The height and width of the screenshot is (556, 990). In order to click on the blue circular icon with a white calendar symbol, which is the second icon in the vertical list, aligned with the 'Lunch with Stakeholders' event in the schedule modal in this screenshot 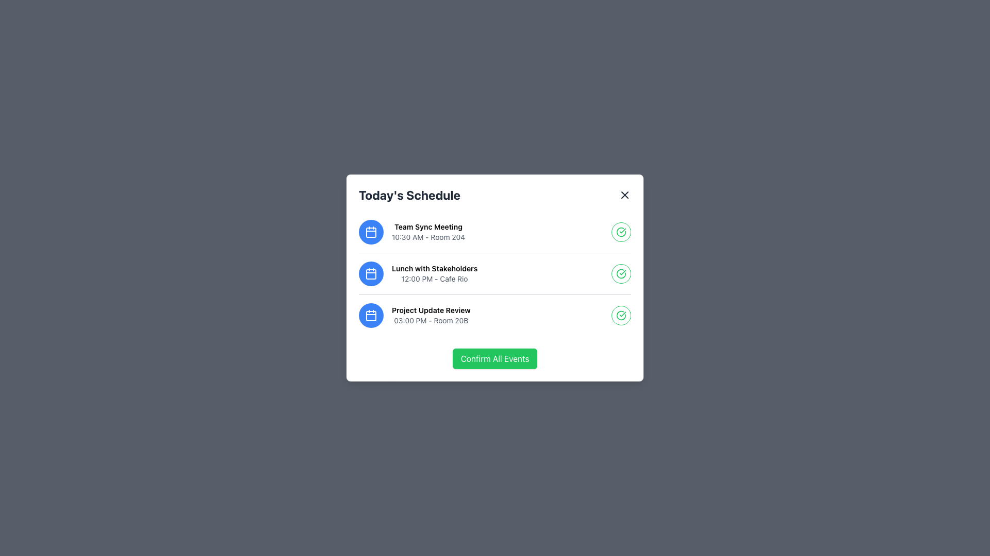, I will do `click(371, 273)`.